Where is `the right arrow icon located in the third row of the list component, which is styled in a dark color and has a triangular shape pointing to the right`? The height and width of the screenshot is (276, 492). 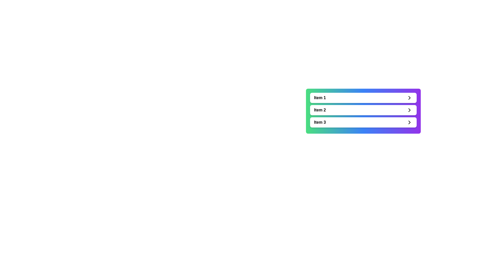
the right arrow icon located in the third row of the list component, which is styled in a dark color and has a triangular shape pointing to the right is located at coordinates (409, 122).